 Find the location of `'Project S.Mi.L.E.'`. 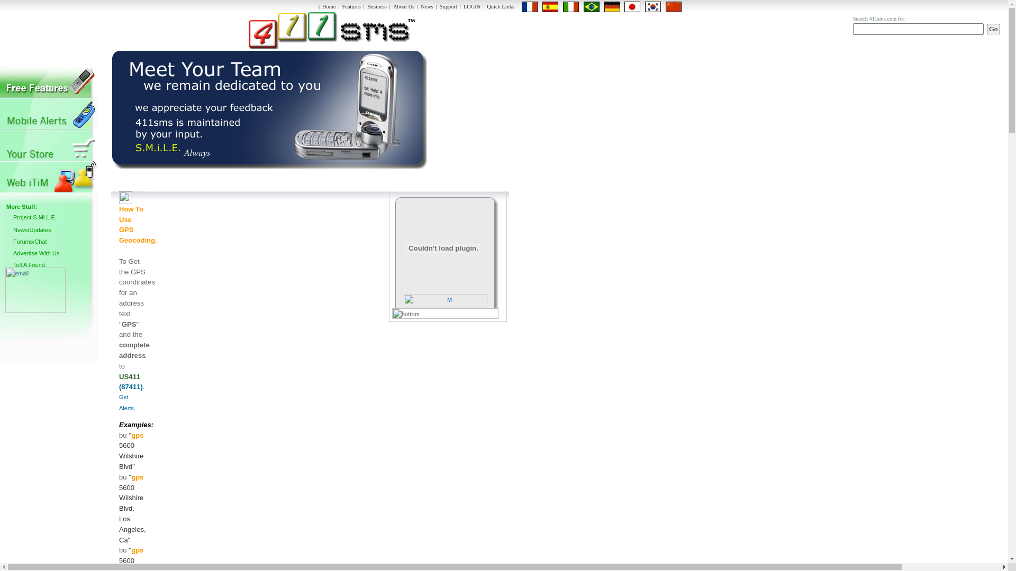

'Project S.Mi.L.E.' is located at coordinates (55, 217).